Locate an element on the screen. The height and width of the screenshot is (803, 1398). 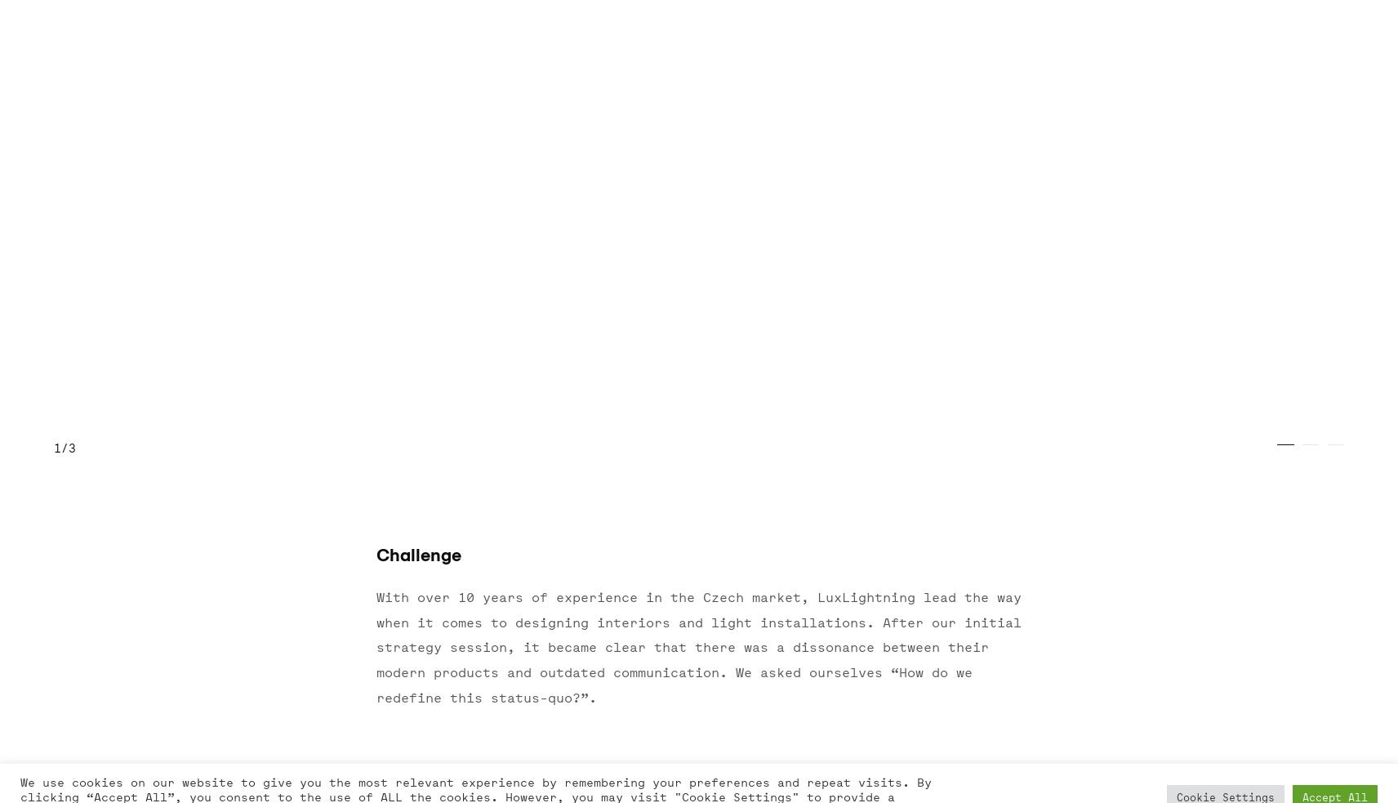
'/' is located at coordinates (59, 448).